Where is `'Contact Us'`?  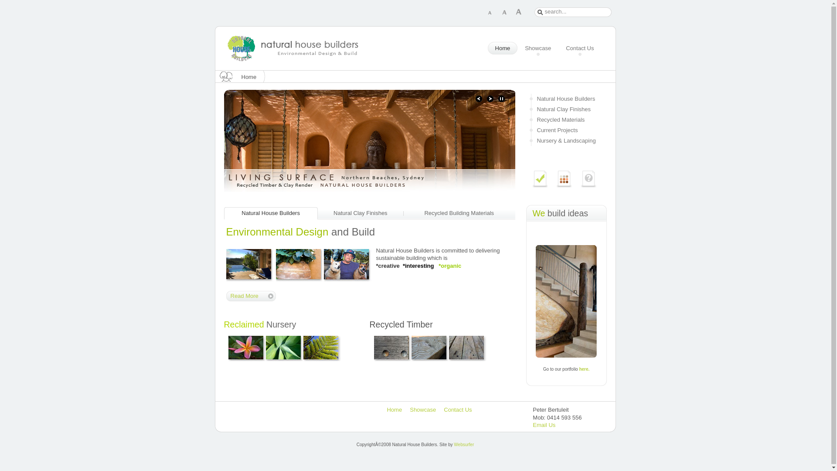
'Contact Us' is located at coordinates (579, 48).